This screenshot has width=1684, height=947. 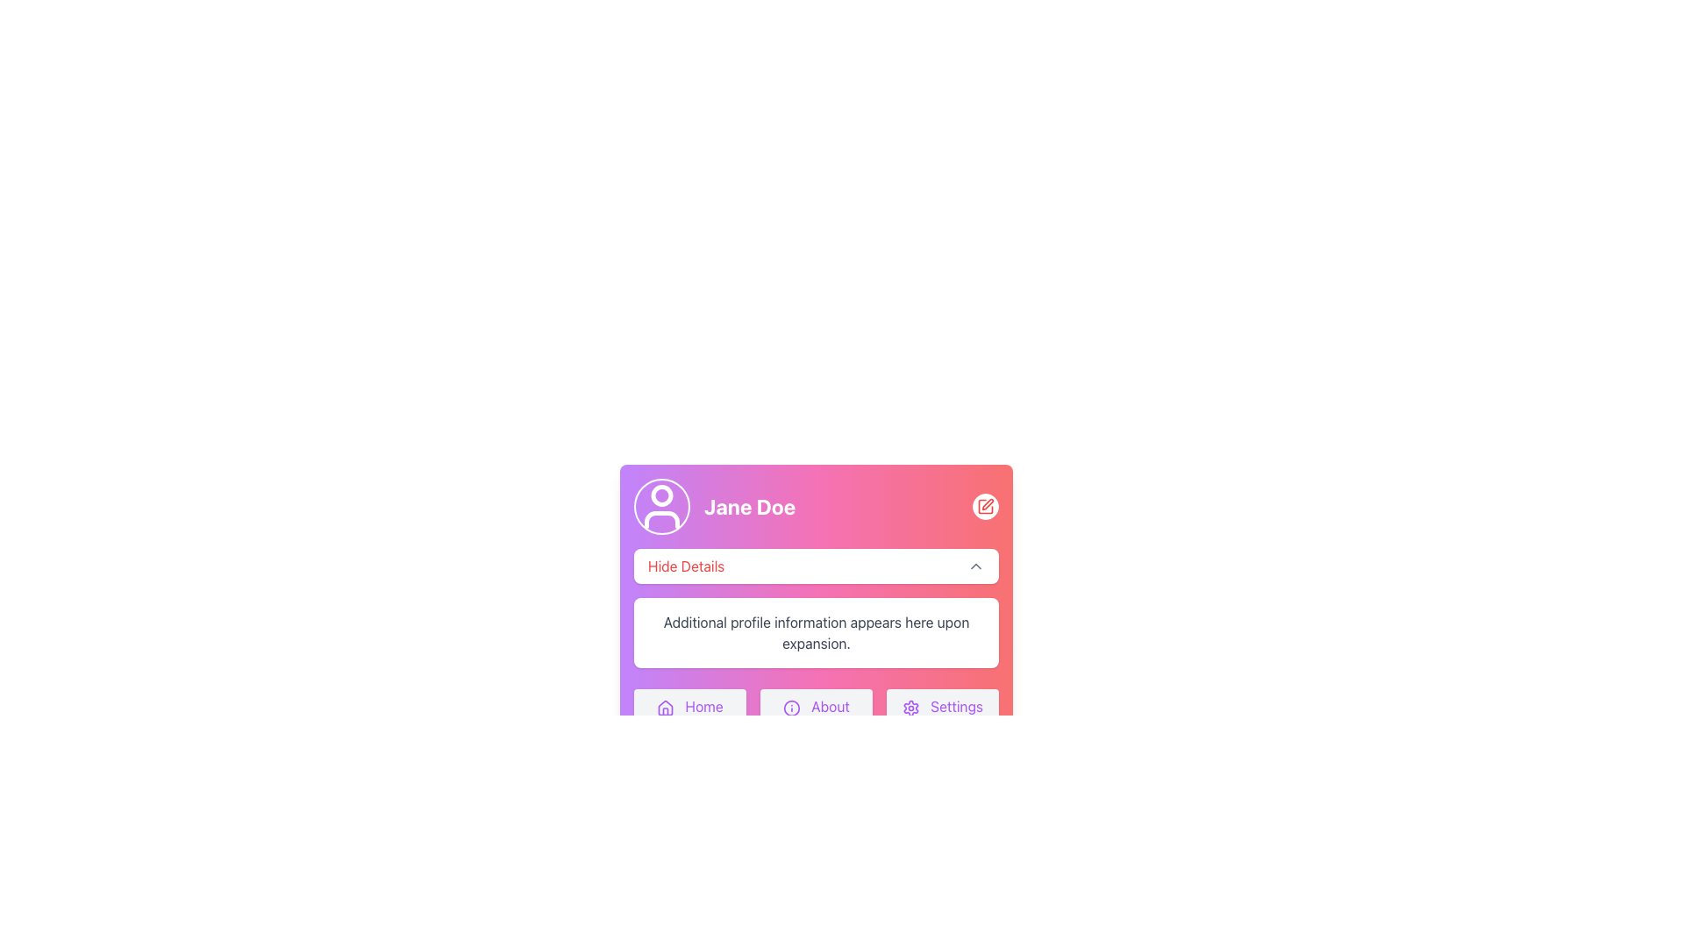 What do you see at coordinates (660, 495) in the screenshot?
I see `the head portion of the user avatar icon` at bounding box center [660, 495].